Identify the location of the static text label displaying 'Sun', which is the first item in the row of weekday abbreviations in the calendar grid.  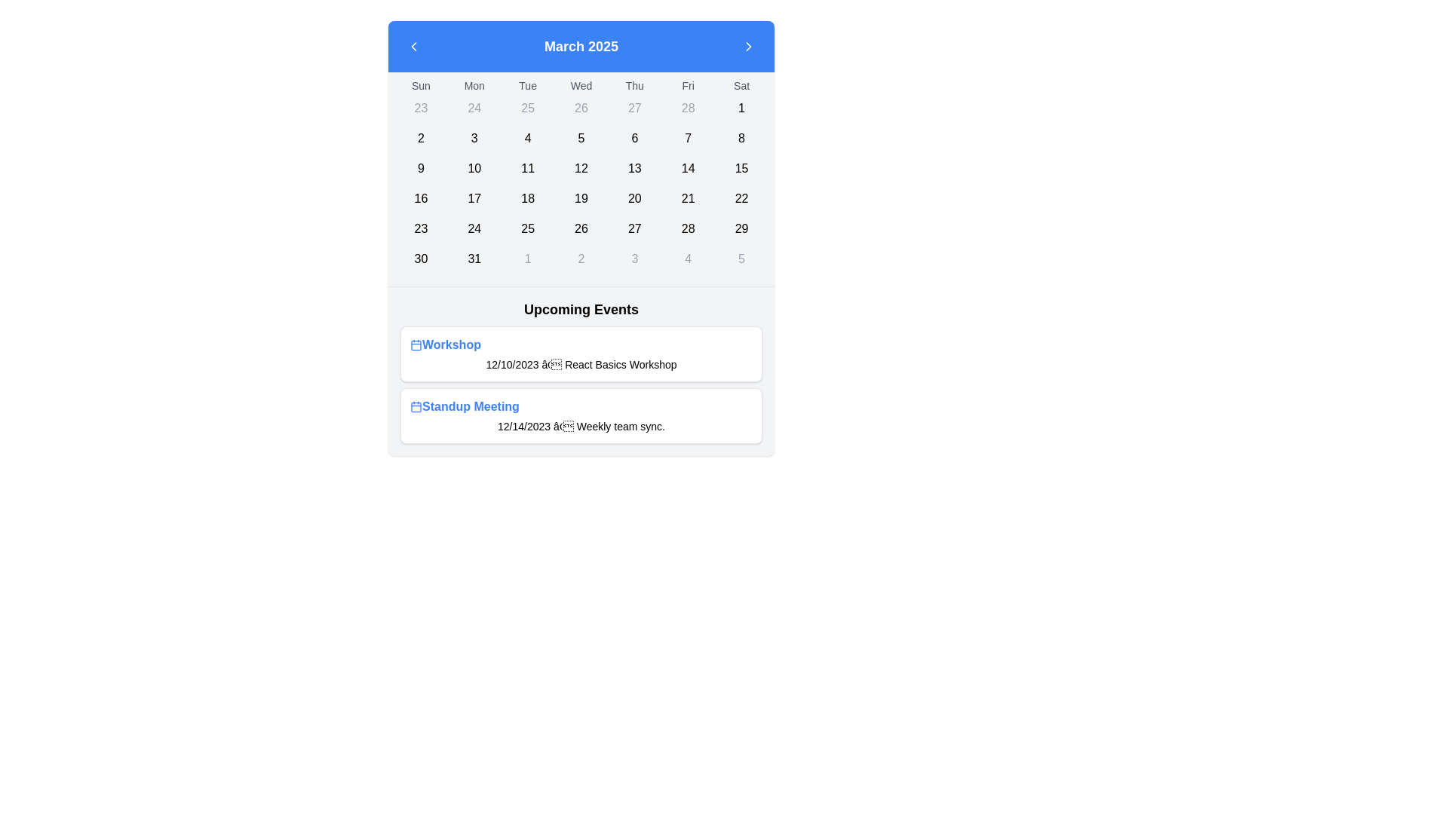
(421, 86).